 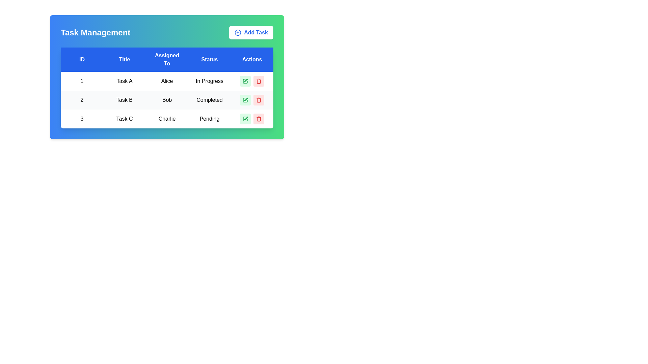 I want to click on the delete button in the 'Actions' column of the first row in the table to observe hover effects, so click(x=259, y=81).